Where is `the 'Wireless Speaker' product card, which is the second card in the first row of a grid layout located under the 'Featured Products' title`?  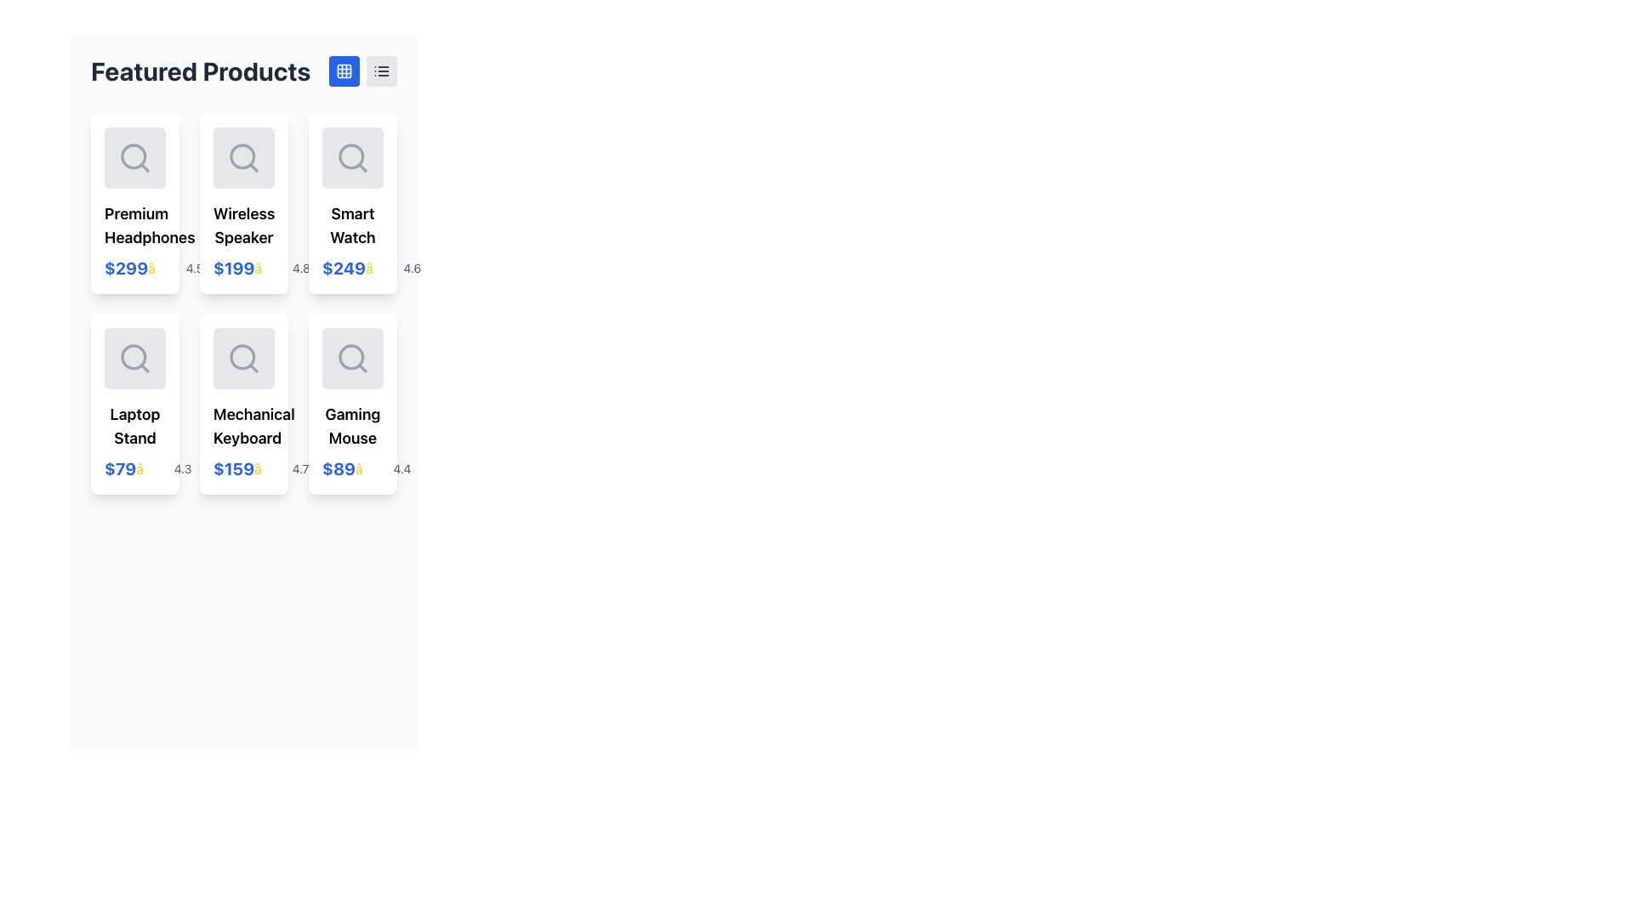 the 'Wireless Speaker' product card, which is the second card in the first row of a grid layout located under the 'Featured Products' title is located at coordinates (243, 202).